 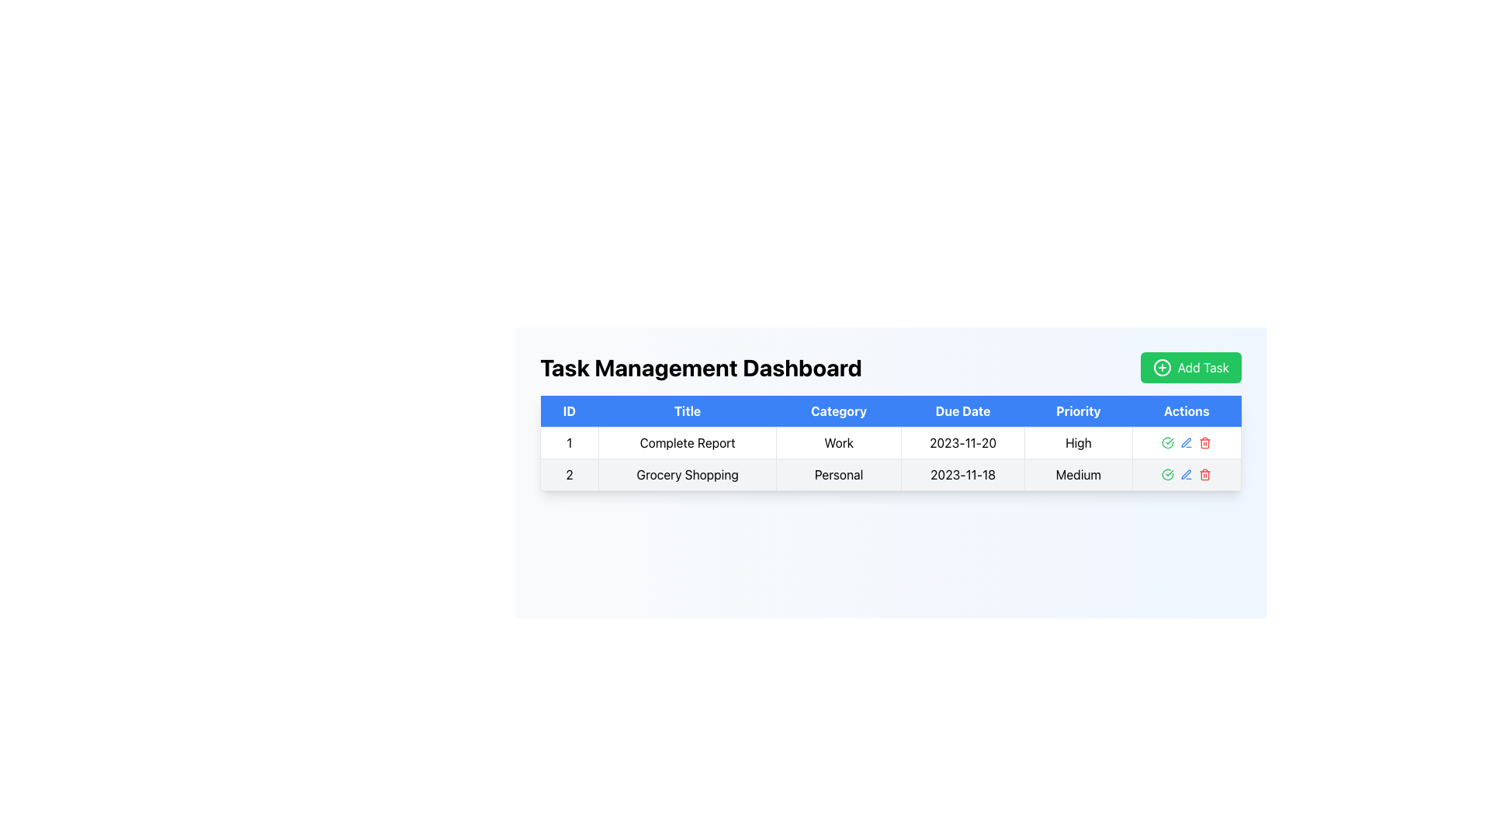 What do you see at coordinates (1186, 442) in the screenshot?
I see `the edit icon located in the 'Actions' column of the first row in the table, positioned between a green checkmark icon on the left and a red trash bin icon on the right` at bounding box center [1186, 442].